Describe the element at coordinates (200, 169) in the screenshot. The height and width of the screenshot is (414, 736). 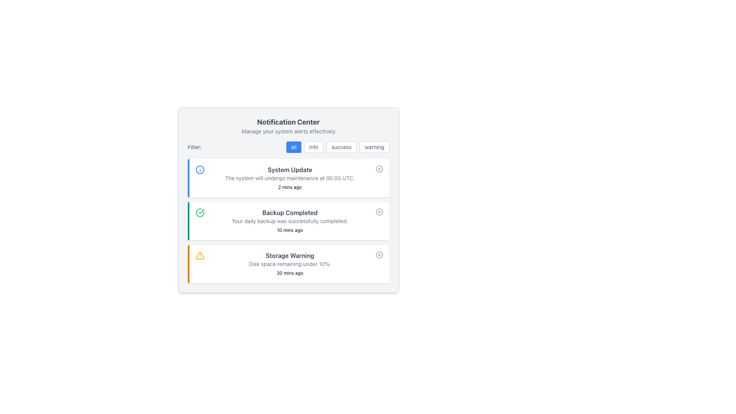
I see `the information update icon located to the left of the 'System Update' notification entry` at that location.